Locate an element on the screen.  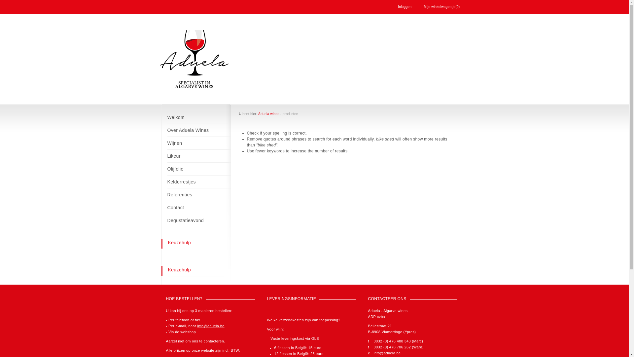
'info@aduela.be' is located at coordinates (210, 326).